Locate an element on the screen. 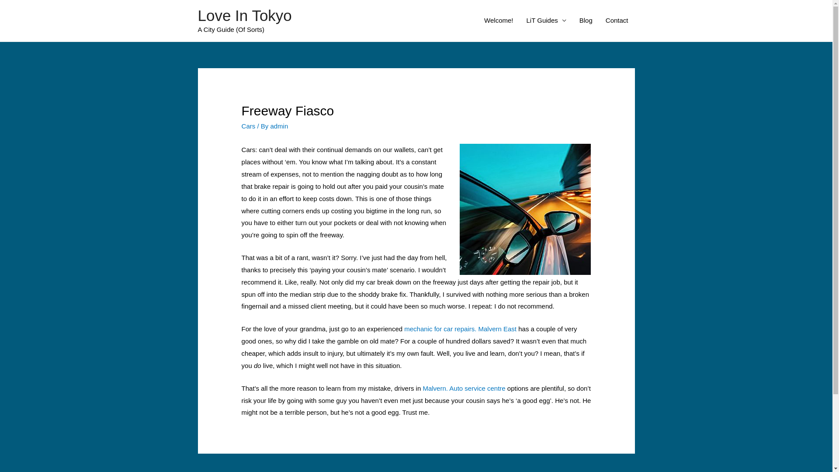 The height and width of the screenshot is (472, 839). 'Cars' is located at coordinates (241, 126).